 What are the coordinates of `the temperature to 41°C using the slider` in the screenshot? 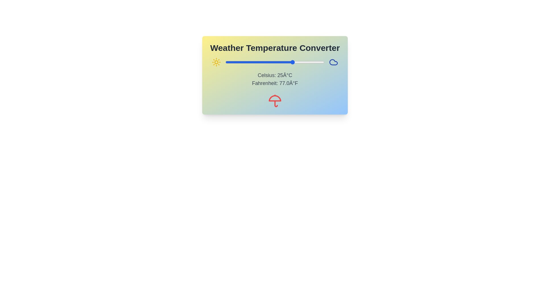 It's located at (313, 62).